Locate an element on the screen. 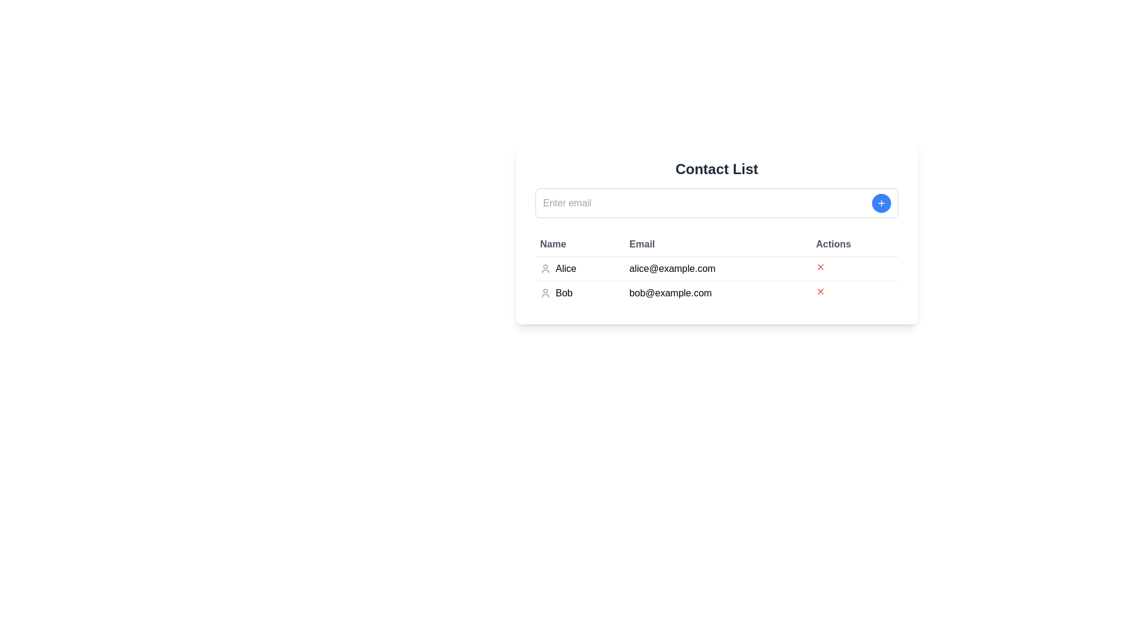 Image resolution: width=1146 pixels, height=644 pixels. the delete icon in the second row of the 'Actions' column of the 'Contact List' table is located at coordinates (820, 292).